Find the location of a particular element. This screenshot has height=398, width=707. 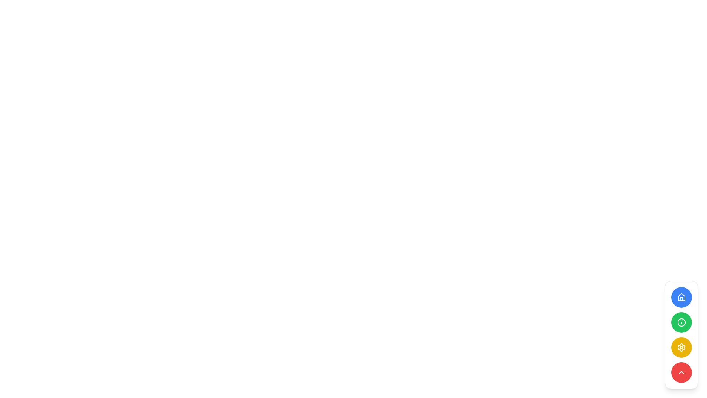

the up-facing chevron arrow button located at the bottom of the circular stack is located at coordinates (681, 372).